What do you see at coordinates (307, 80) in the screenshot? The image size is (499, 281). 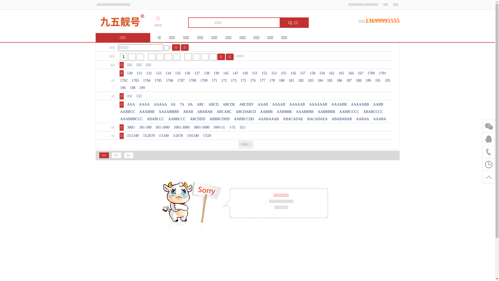 I see `'183'` at bounding box center [307, 80].